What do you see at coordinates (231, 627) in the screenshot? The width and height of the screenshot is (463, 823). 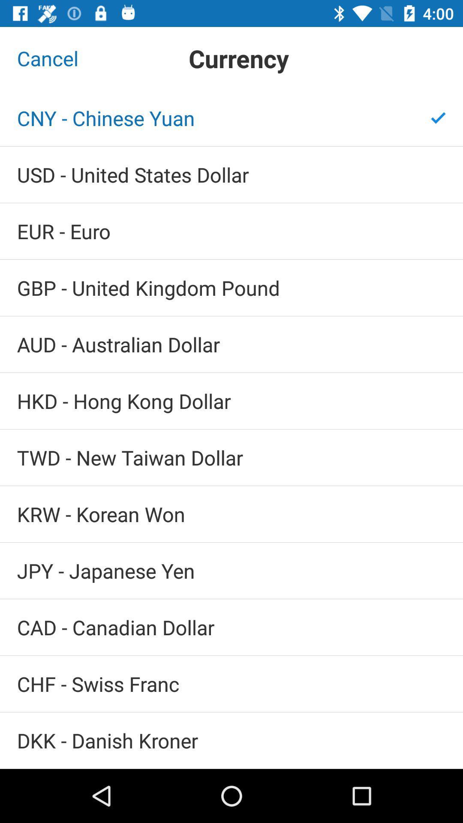 I see `the item below the jpy - japanese yen` at bounding box center [231, 627].